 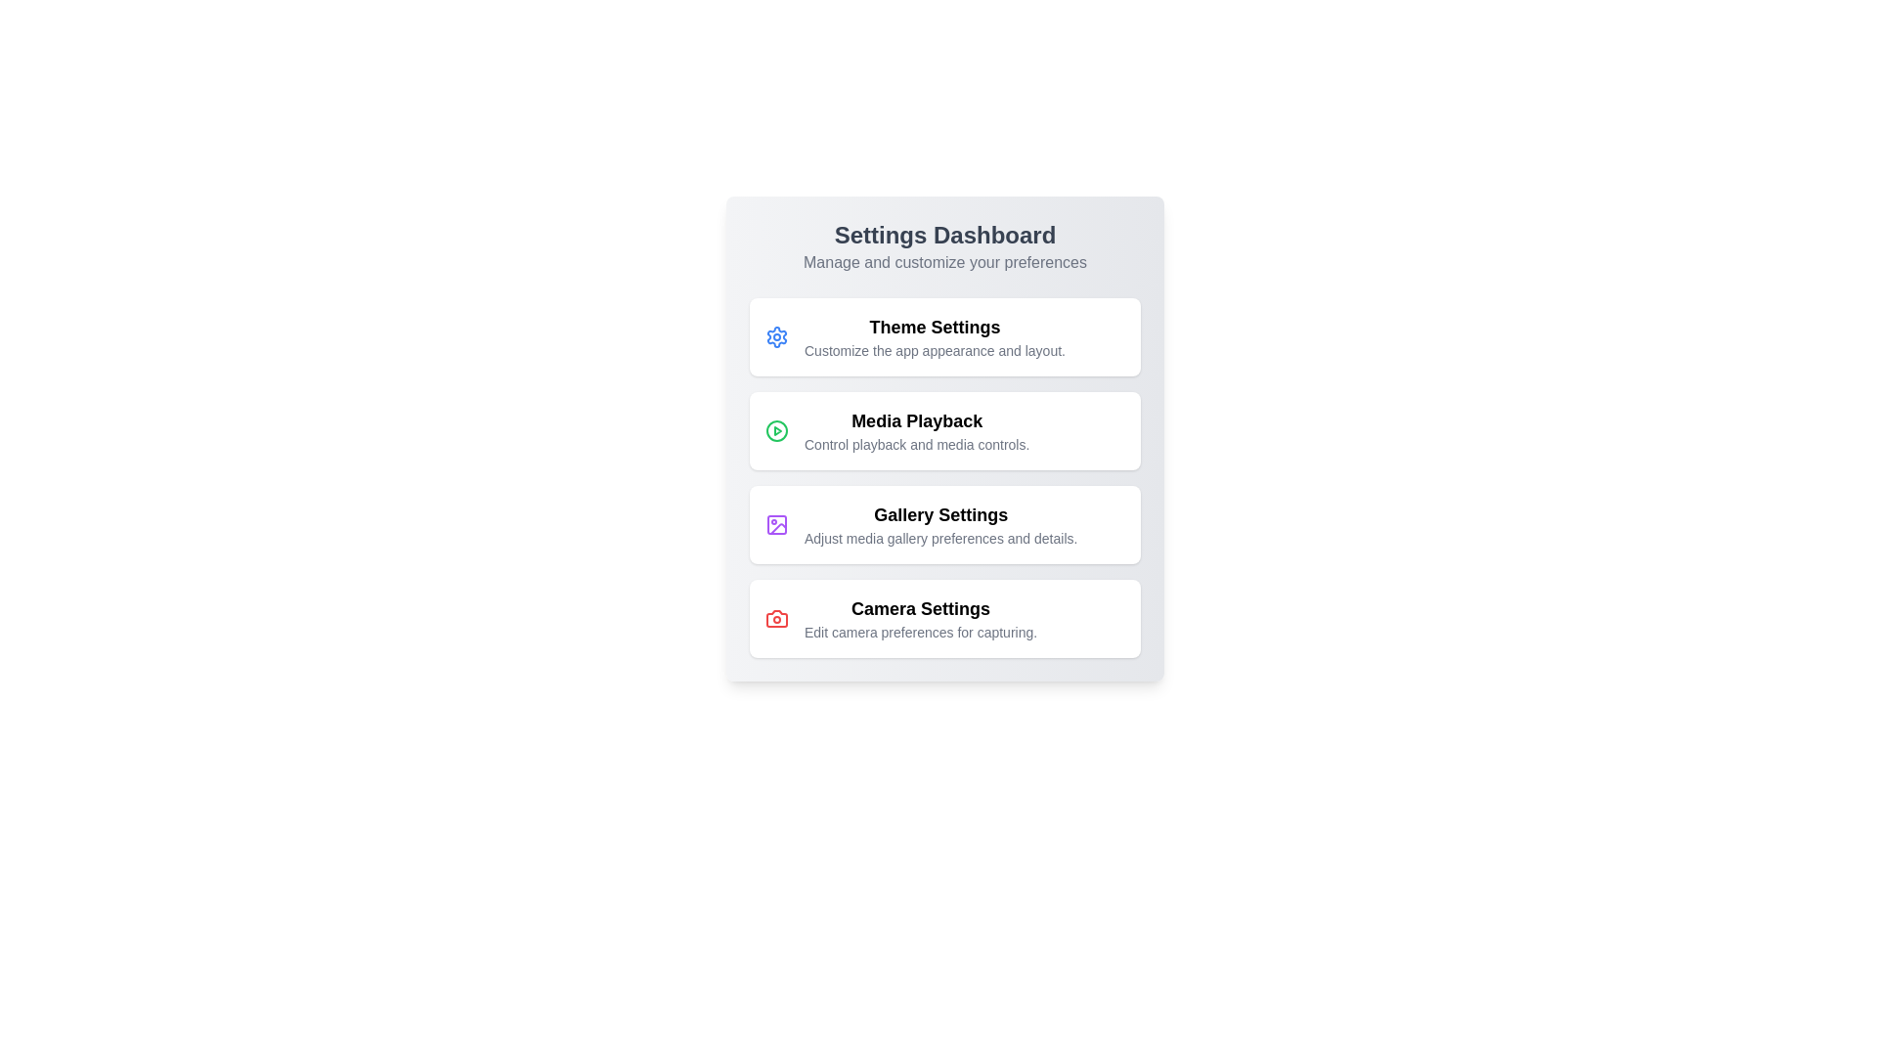 What do you see at coordinates (776, 618) in the screenshot?
I see `the red outlined camera icon located at the leftmost part of the 'Camera Settings' section within the rounded rectangular block at the bottom of the settings dashboard` at bounding box center [776, 618].